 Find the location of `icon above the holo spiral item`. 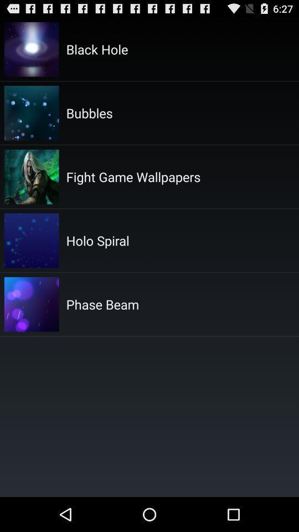

icon above the holo spiral item is located at coordinates (133, 176).